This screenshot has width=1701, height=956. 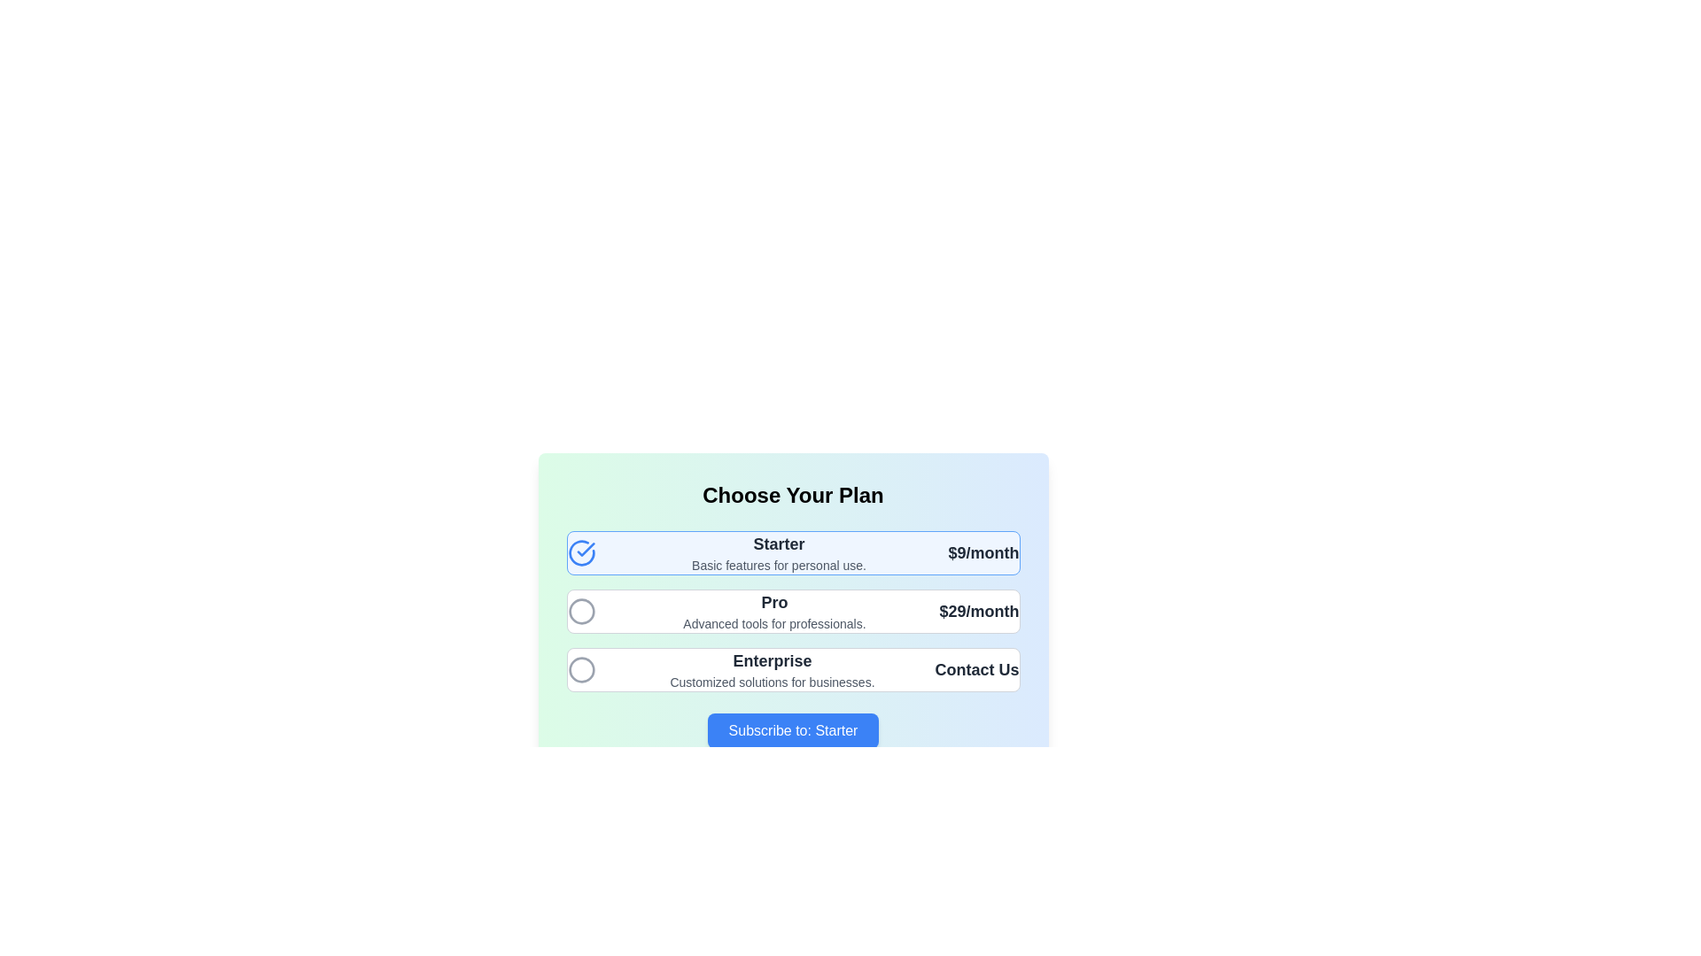 What do you see at coordinates (774, 623) in the screenshot?
I see `the descriptive text element that provides additional details about the 'Pro' plan, located beneath the bold text 'Pro' within the 'Pro' plan option block` at bounding box center [774, 623].